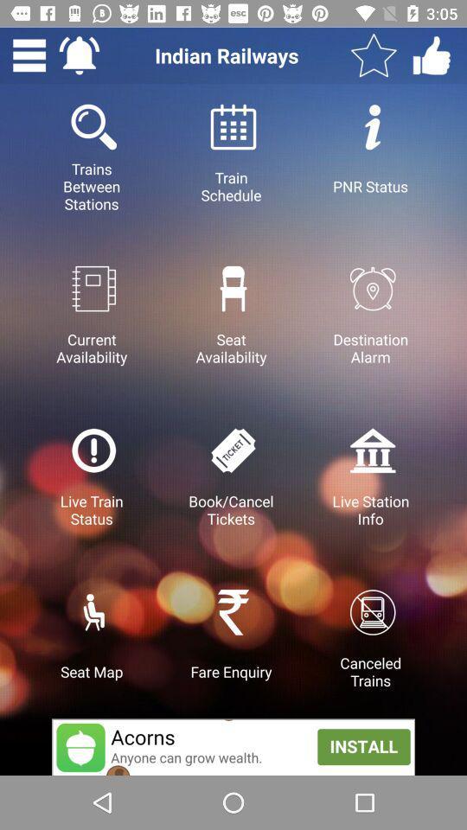  Describe the element at coordinates (233, 746) in the screenshot. I see `advertisement click` at that location.